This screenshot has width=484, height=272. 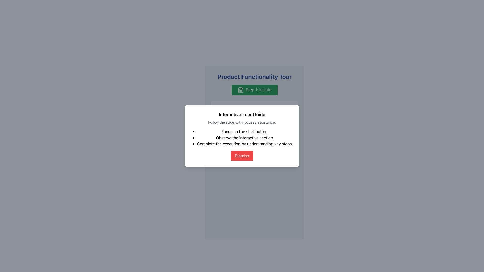 What do you see at coordinates (245, 138) in the screenshot?
I see `the second item in the vertical list of instructions located within the modal box, which directs the user to focus on specific sections of the interface` at bounding box center [245, 138].